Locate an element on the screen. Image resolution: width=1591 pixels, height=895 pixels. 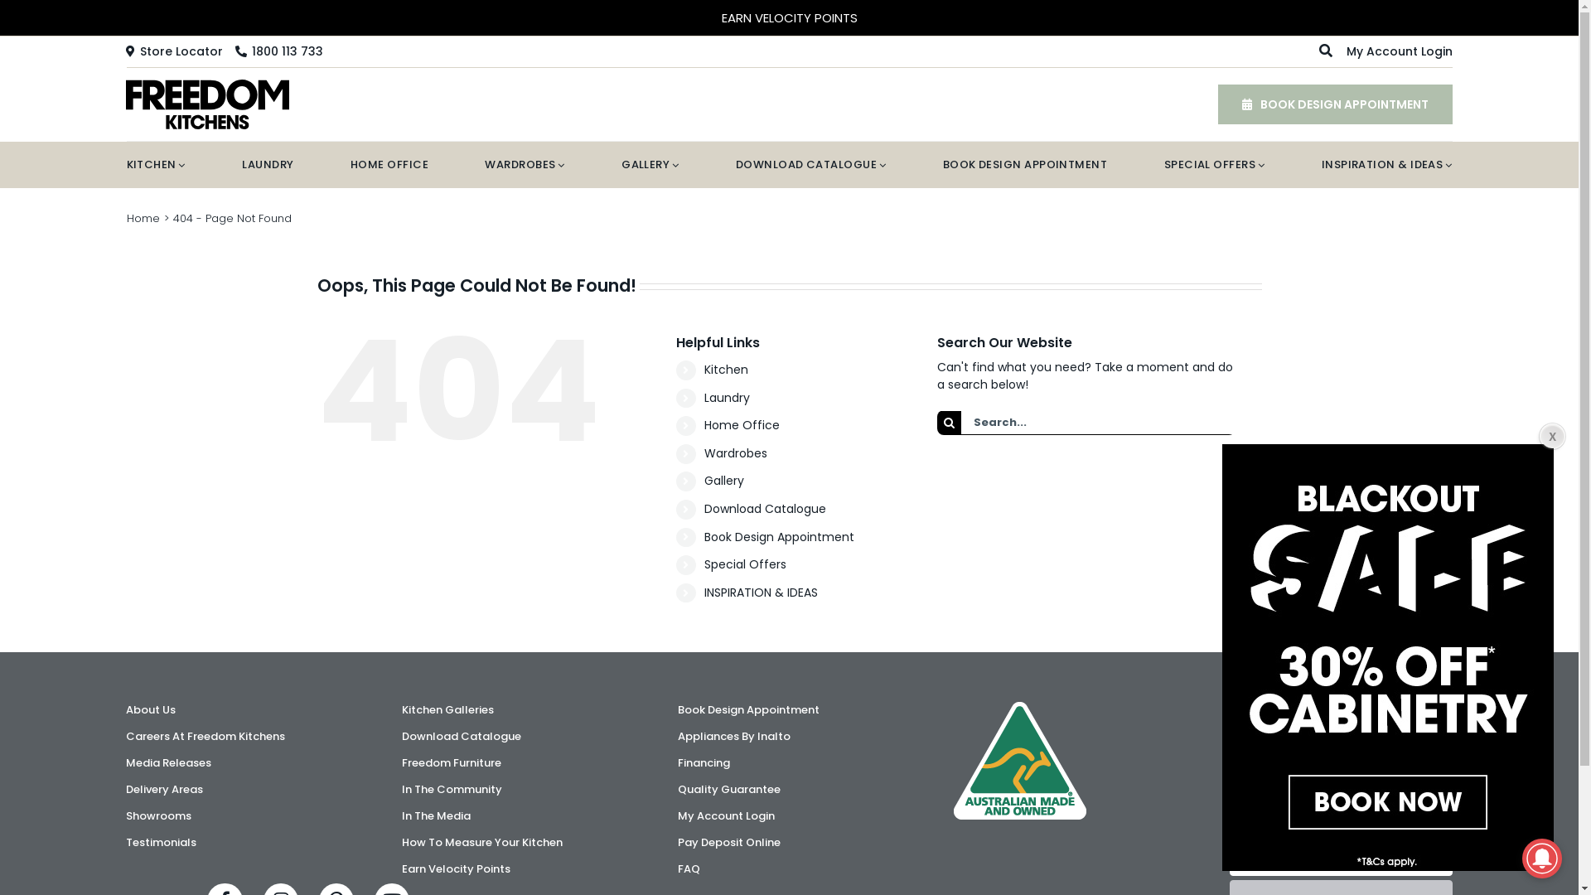
'Book Design Appointment' is located at coordinates (788, 709).